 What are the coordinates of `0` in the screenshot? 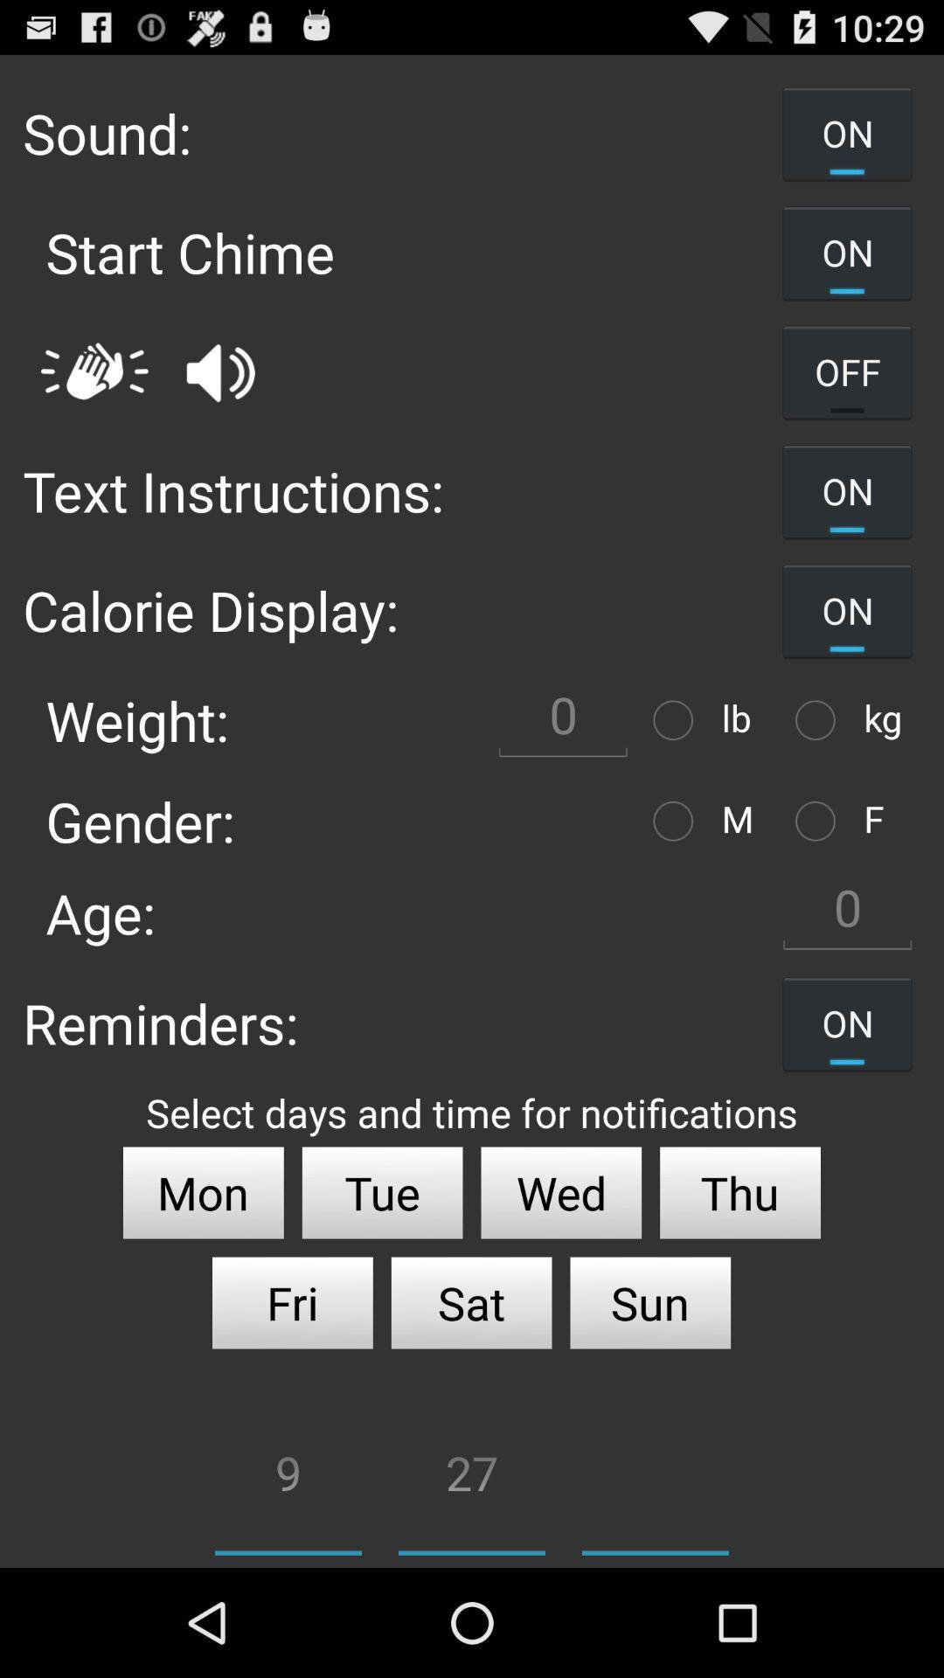 It's located at (846, 912).